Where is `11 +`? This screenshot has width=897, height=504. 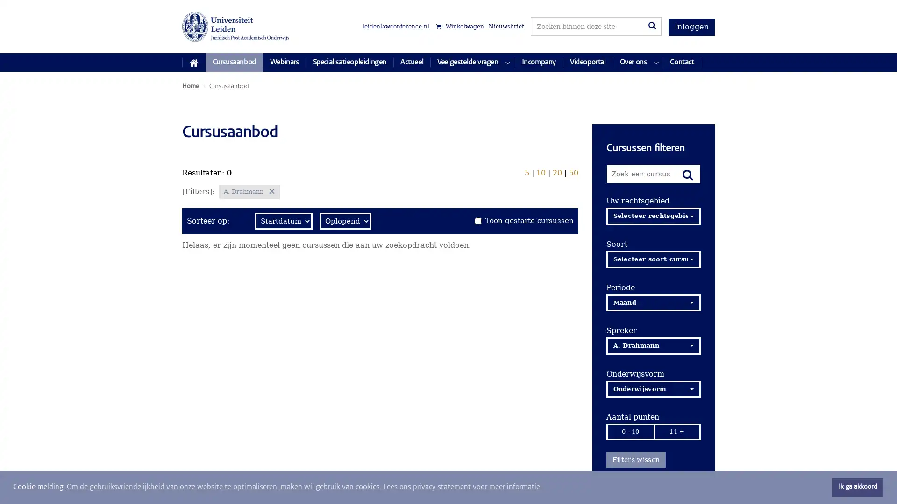
11 + is located at coordinates (677, 432).